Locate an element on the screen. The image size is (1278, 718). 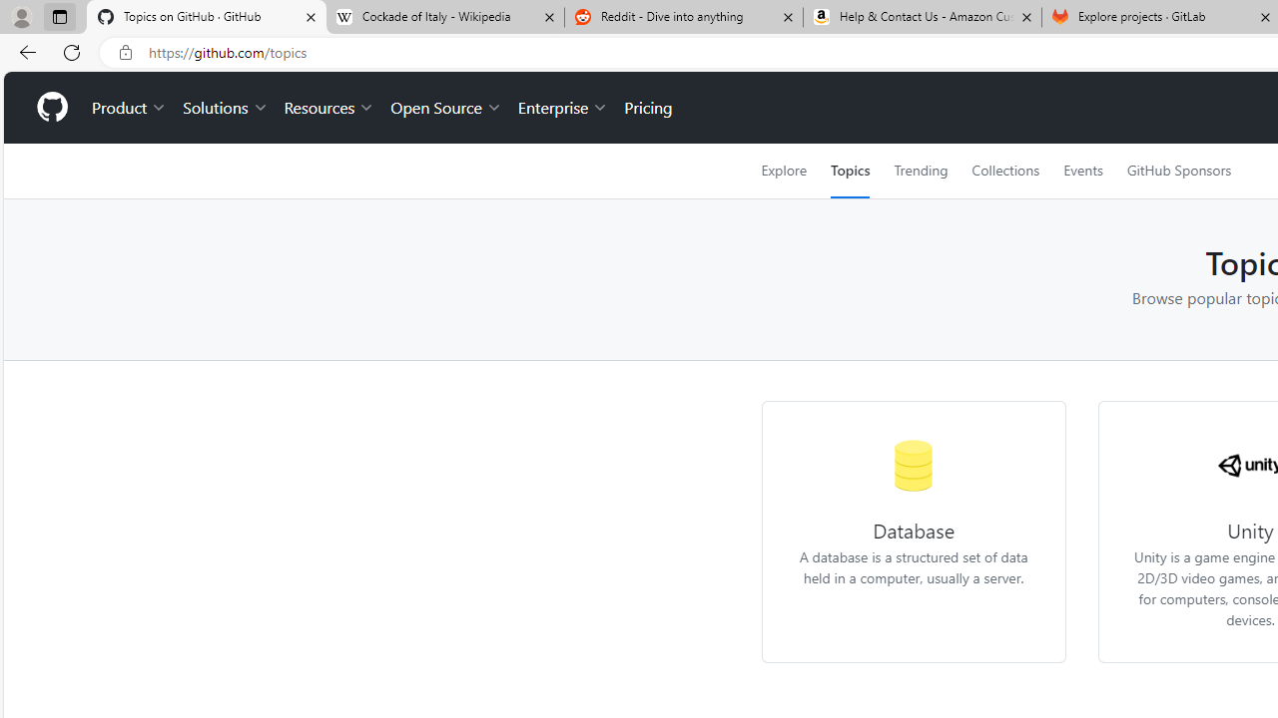
'Open Source' is located at coordinates (444, 108).